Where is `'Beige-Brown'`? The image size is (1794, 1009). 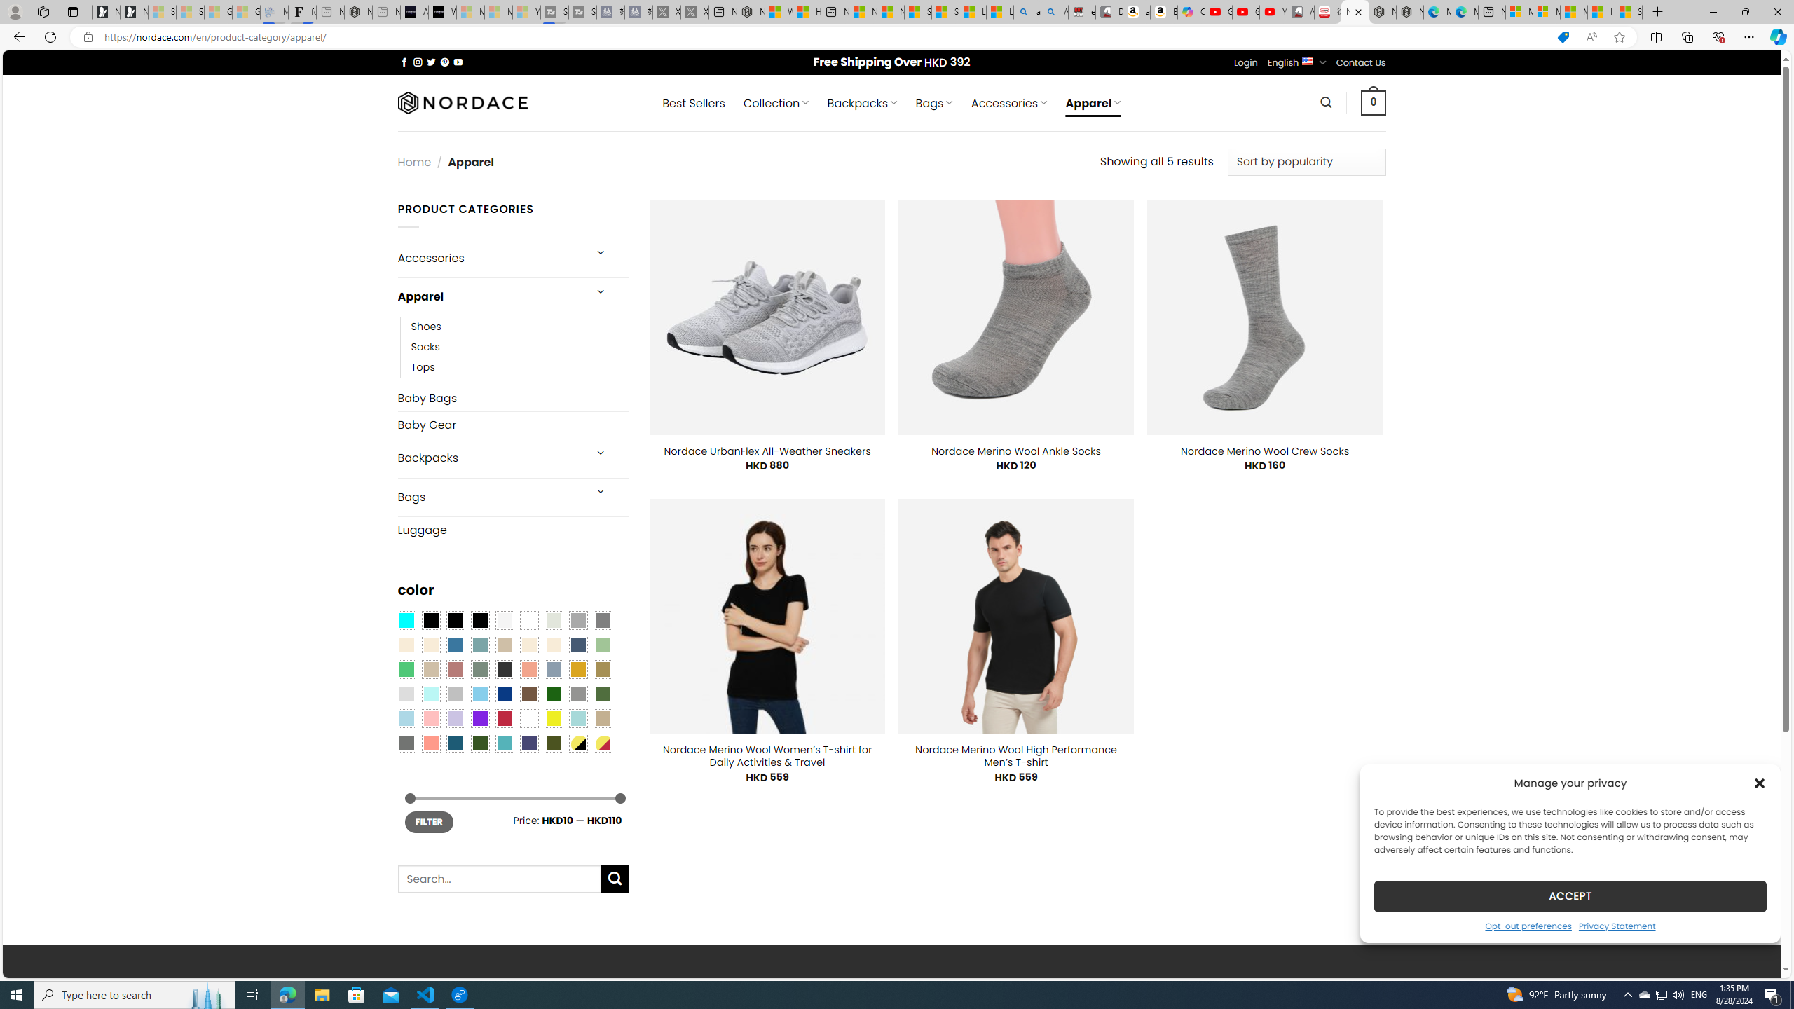
'Beige-Brown' is located at coordinates (430, 644).